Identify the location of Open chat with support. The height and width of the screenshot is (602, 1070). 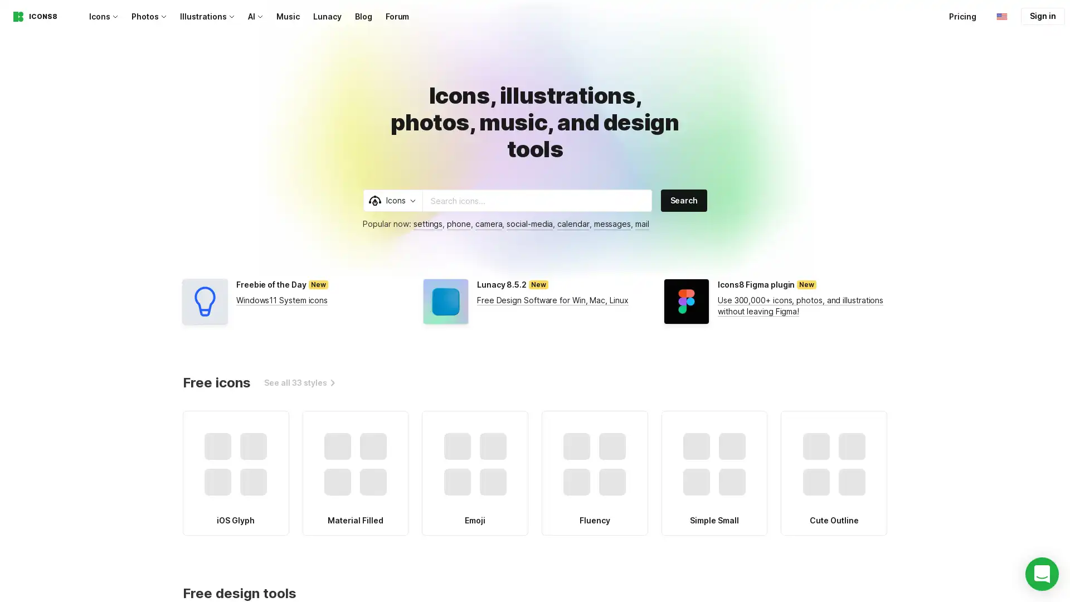
(1042, 574).